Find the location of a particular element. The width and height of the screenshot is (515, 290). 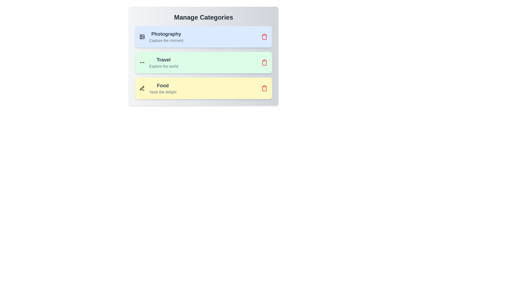

the icon of the category Food to view it is located at coordinates (142, 88).